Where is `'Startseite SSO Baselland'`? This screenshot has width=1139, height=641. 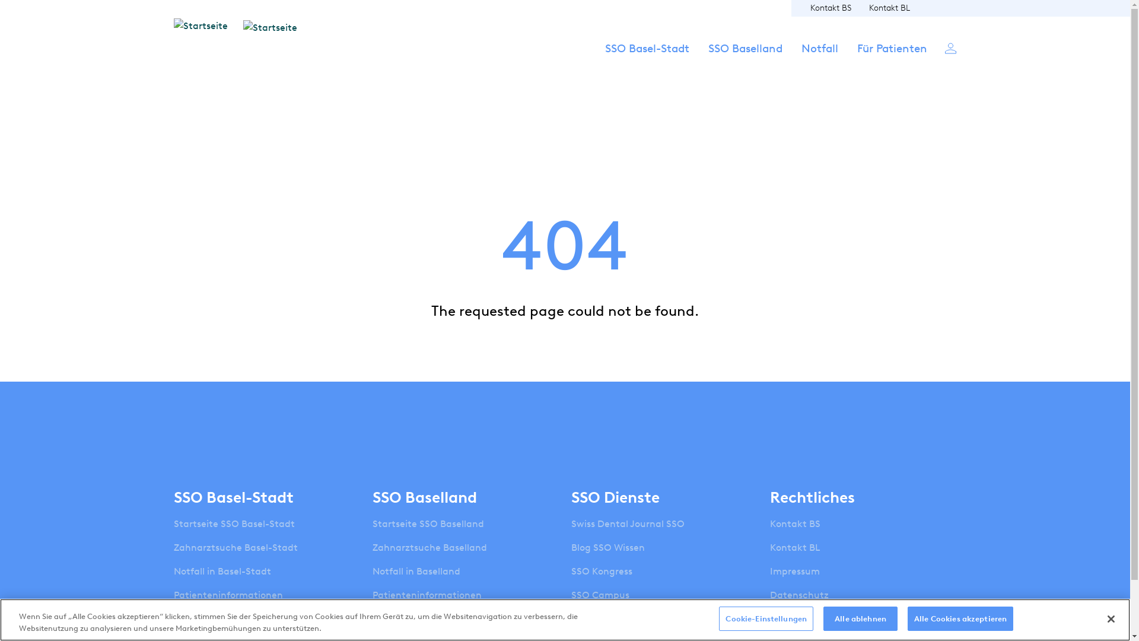 'Startseite SSO Baselland' is located at coordinates (372, 523).